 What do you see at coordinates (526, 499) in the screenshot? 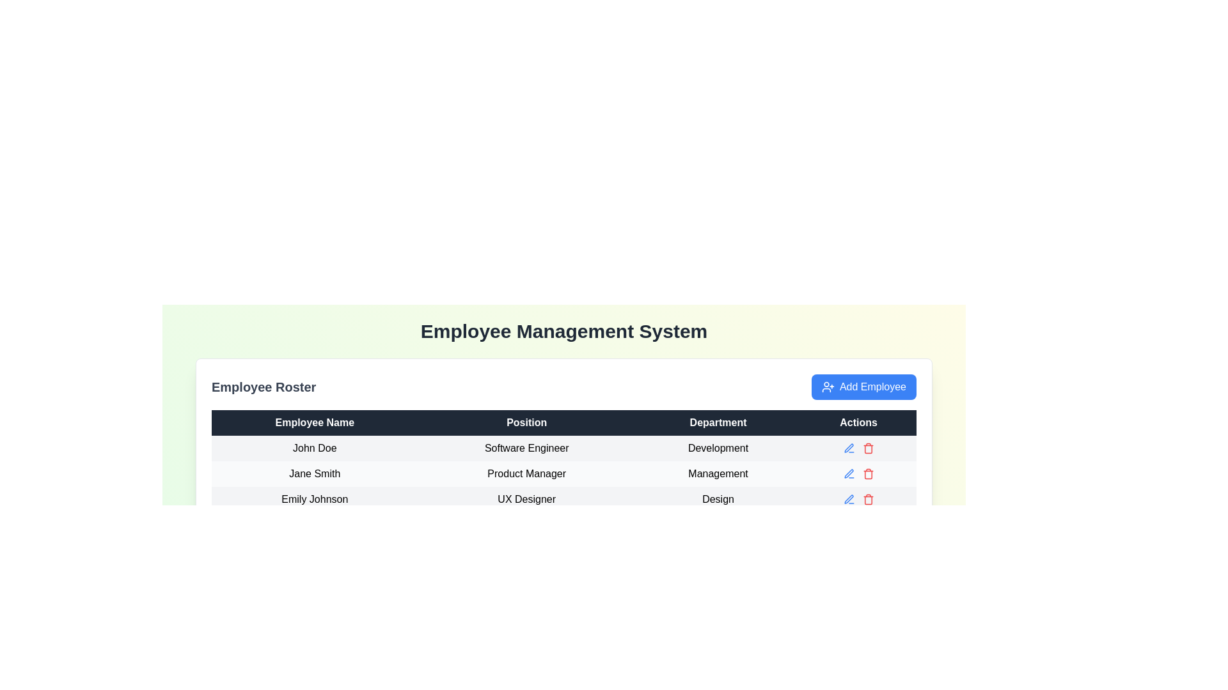
I see `the text label element displaying 'UX Designer' located in the second column of the third row in a data table, between 'Emily Johnson' and 'Design'` at bounding box center [526, 499].